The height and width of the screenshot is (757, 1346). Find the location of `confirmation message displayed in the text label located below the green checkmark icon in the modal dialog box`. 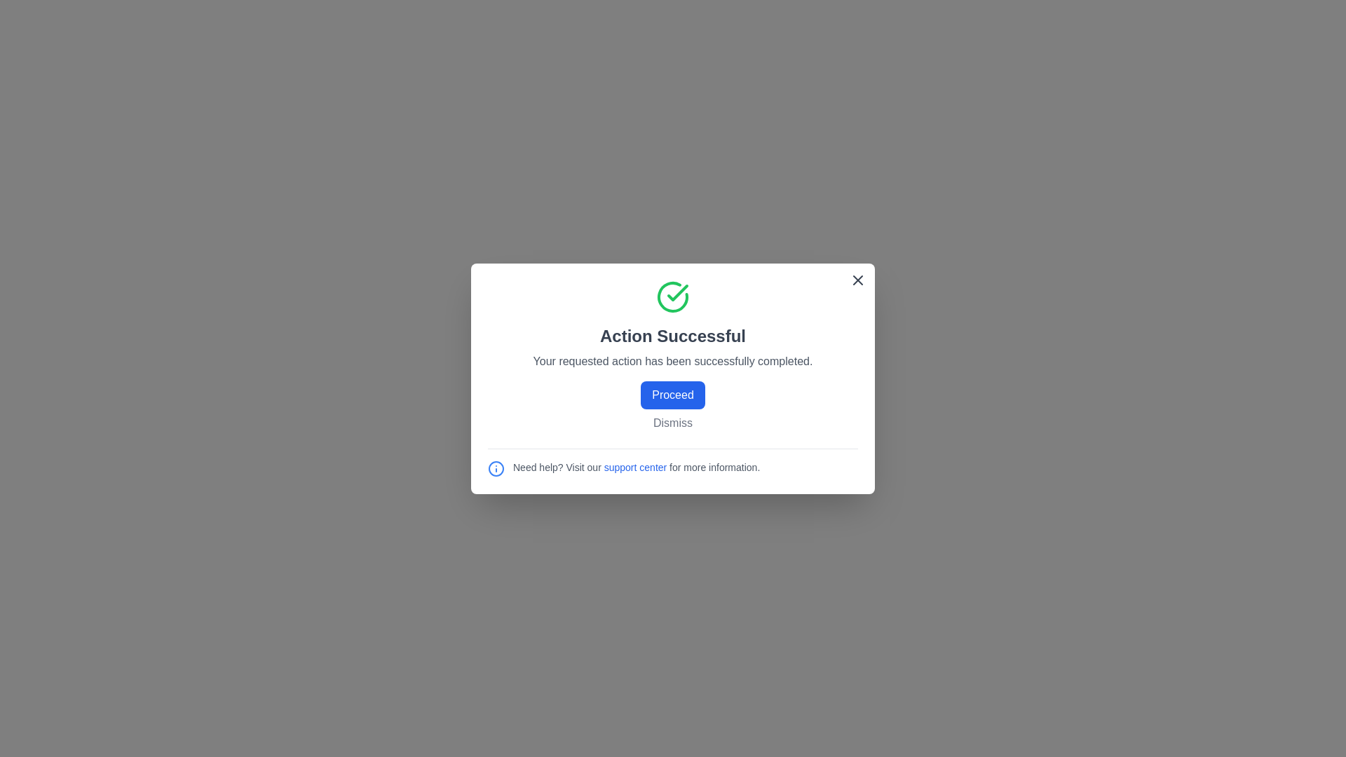

confirmation message displayed in the text label located below the green checkmark icon in the modal dialog box is located at coordinates (673, 336).